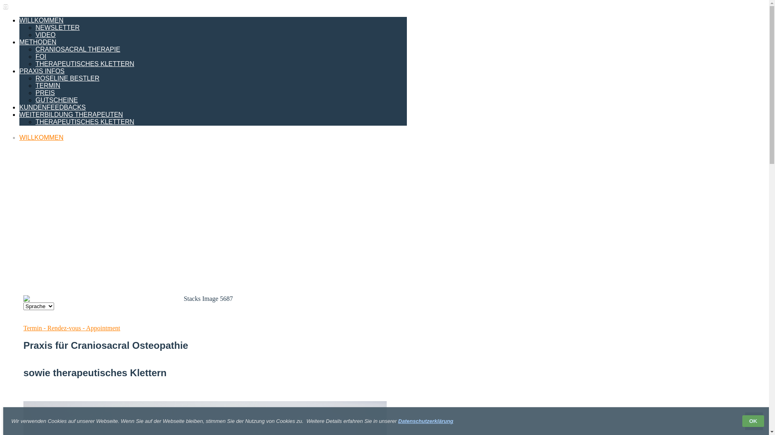  Describe the element at coordinates (85, 63) in the screenshot. I see `'THERAPEUTISCHES KLETTERN'` at that location.